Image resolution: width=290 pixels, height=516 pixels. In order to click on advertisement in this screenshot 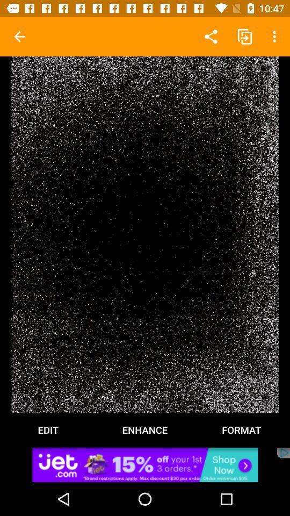, I will do `click(145, 464)`.